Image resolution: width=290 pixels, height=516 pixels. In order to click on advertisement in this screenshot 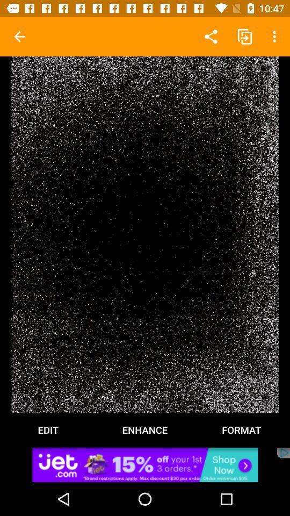, I will do `click(145, 464)`.